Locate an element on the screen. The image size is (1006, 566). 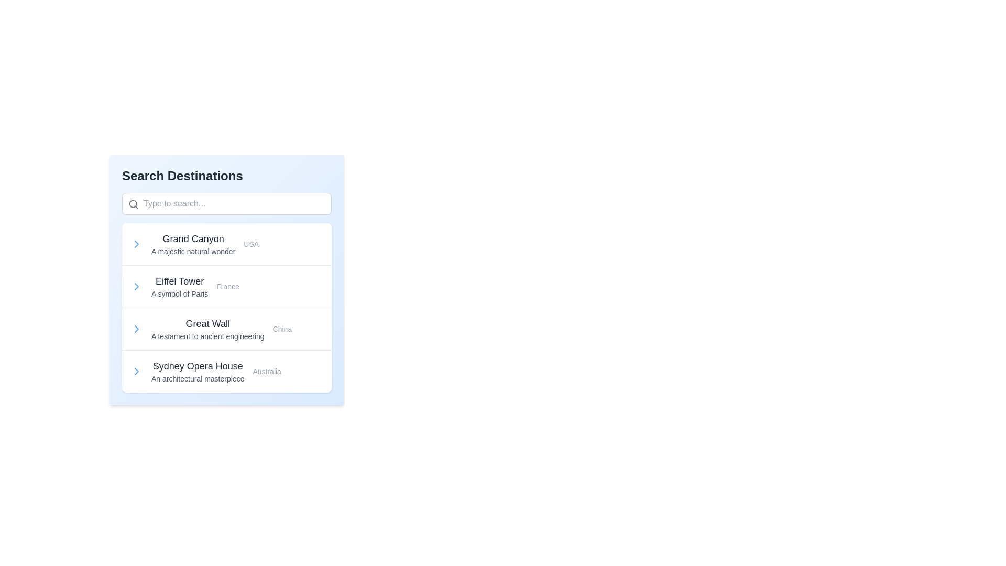
the prominent text label 'Eiffel Tower', which is styled in bold dark gray as part of a scrollable menu, positioned above the subtext 'A symbol of Paris' is located at coordinates (180, 280).